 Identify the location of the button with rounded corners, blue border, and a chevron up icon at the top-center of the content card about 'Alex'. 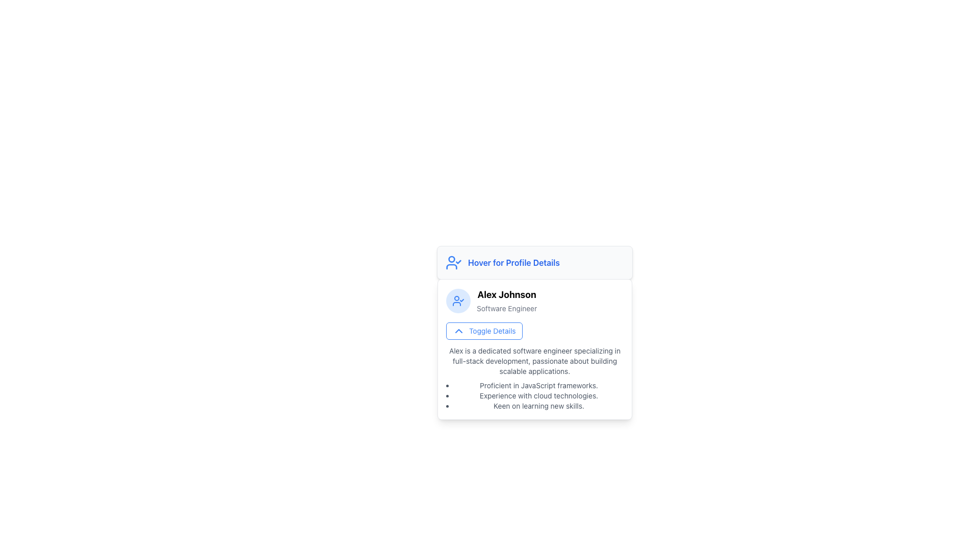
(483, 331).